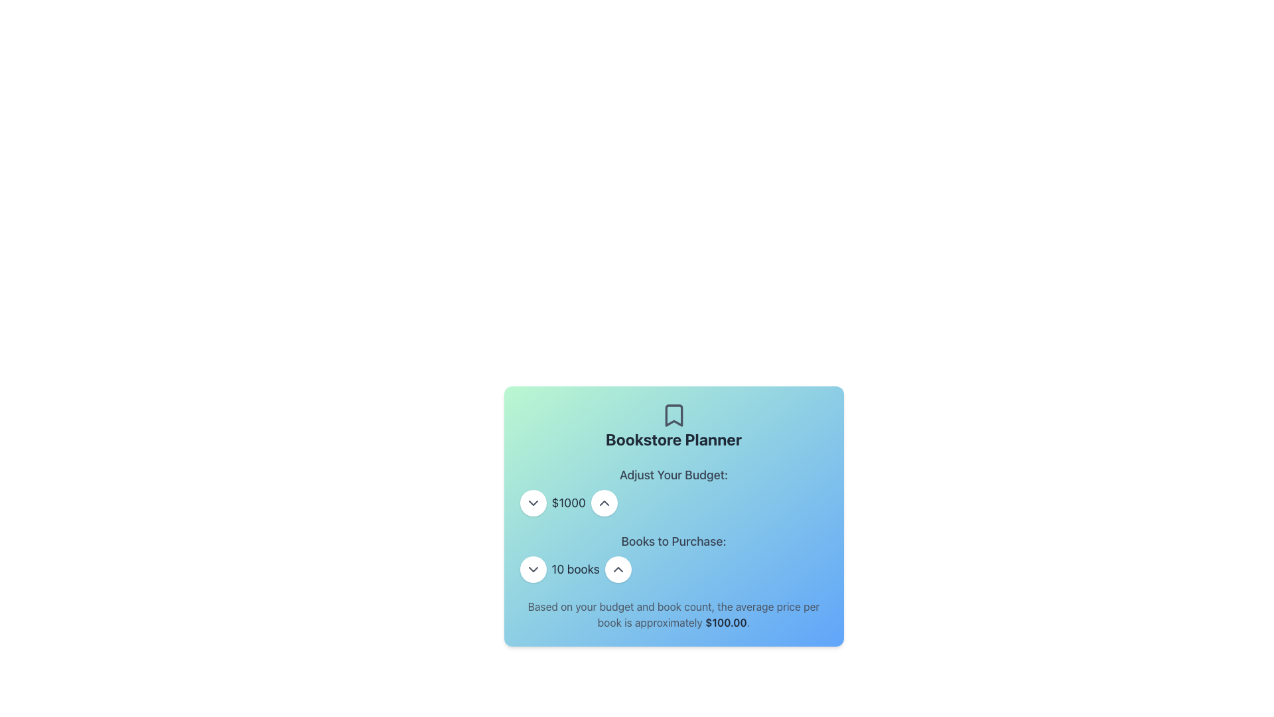  I want to click on the Interactive labeled value selector to adjust either the budget or the book count, which is represented by the labels 'Adjust Your Budget:' and 'Books to Purchase:' with corresponding values, so click(673, 524).